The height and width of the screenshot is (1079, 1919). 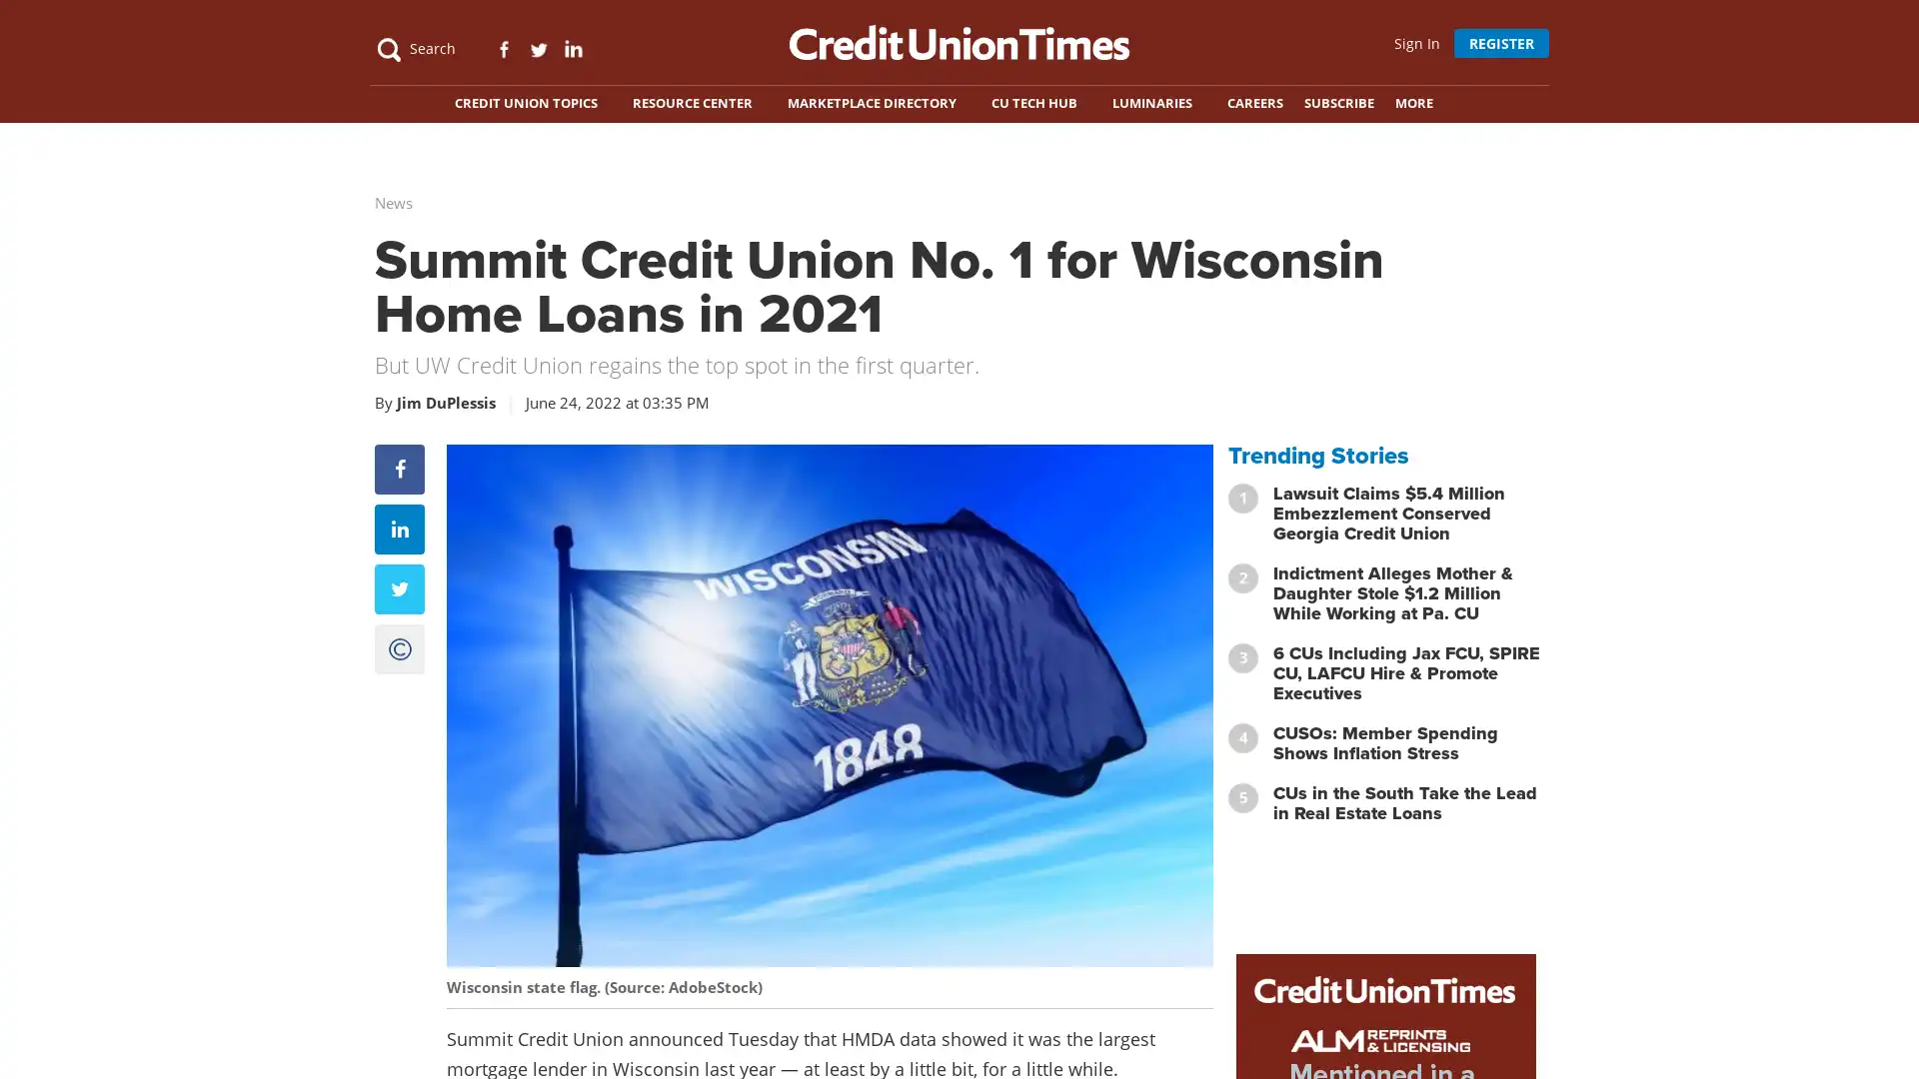 I want to click on Share on LinkedIn, so click(x=399, y=607).